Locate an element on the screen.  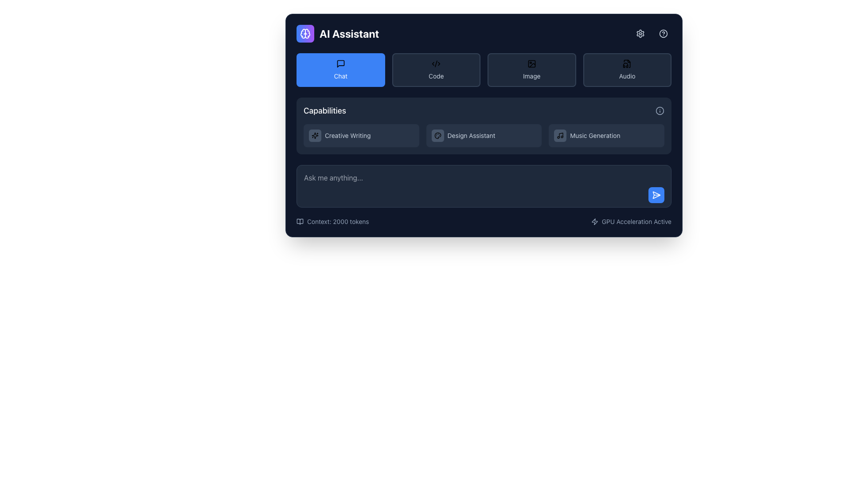
the text label indicating that GPU acceleration is currently active, located at the bottom-right corner of the card-like interface, next to a lightning bolt icon is located at coordinates (636, 221).